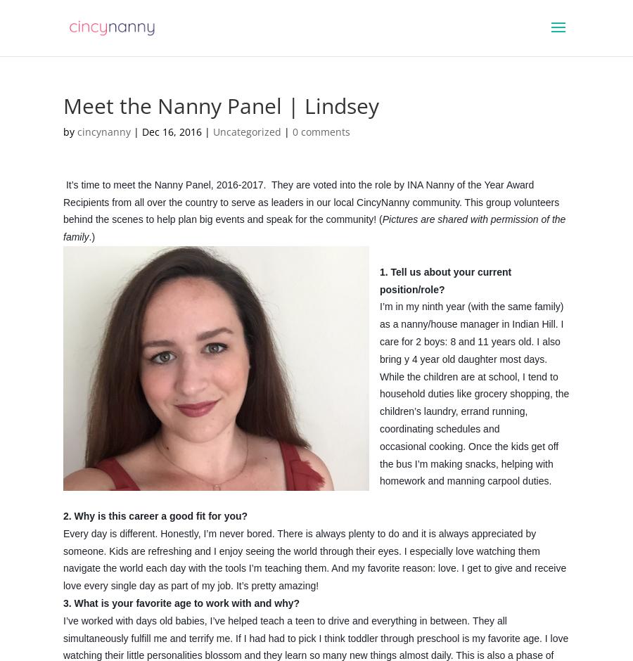  I want to click on 'Uncategorized', so click(247, 131).